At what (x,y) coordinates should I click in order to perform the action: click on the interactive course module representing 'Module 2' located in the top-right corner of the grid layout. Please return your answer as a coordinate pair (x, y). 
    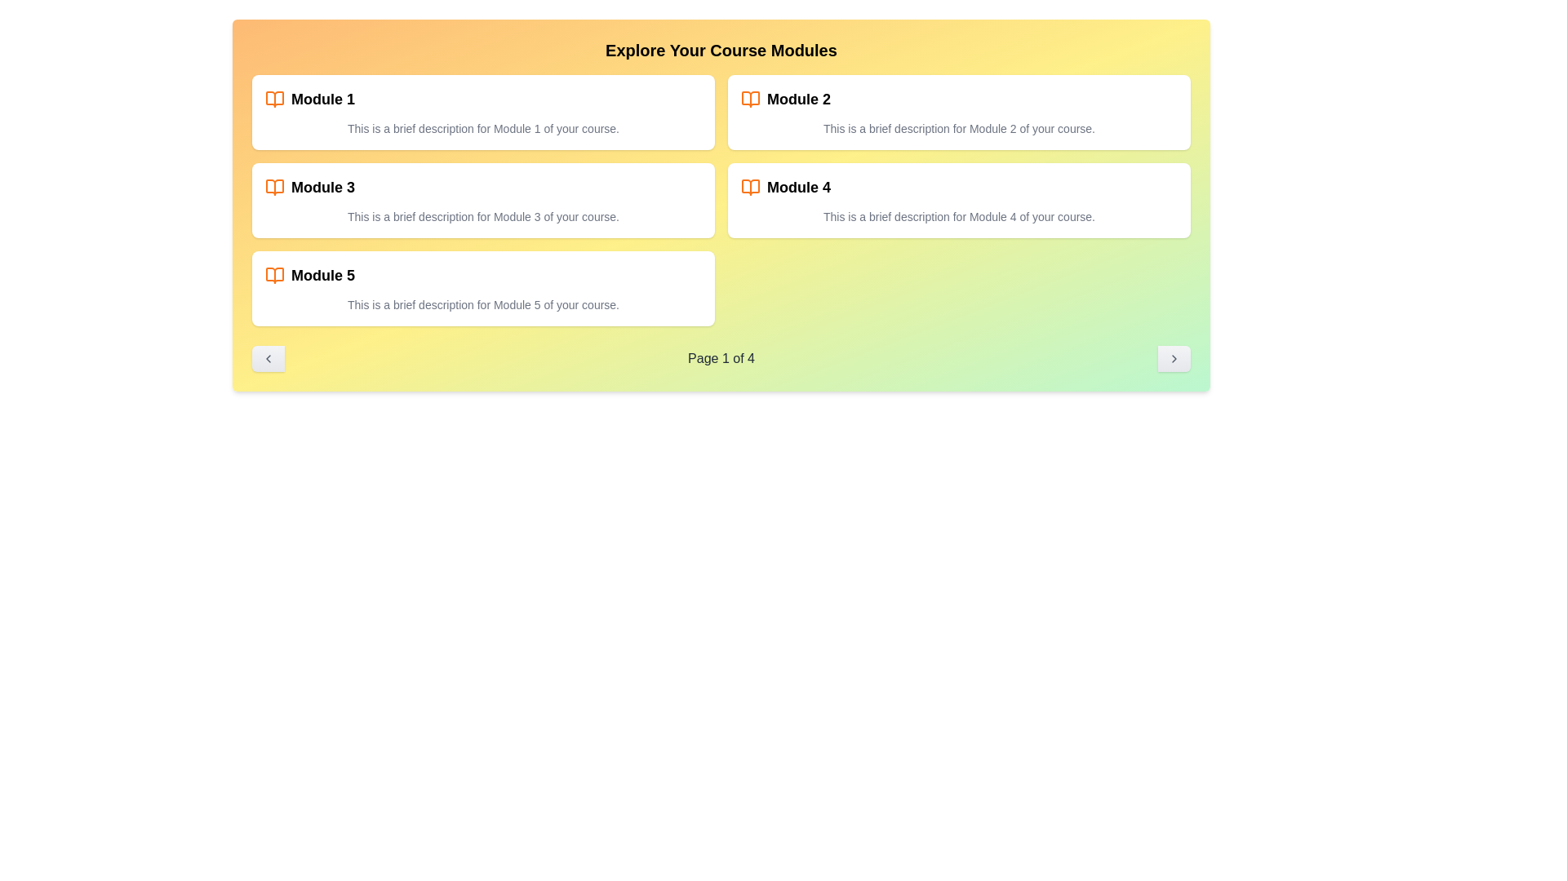
    Looking at the image, I should click on (959, 112).